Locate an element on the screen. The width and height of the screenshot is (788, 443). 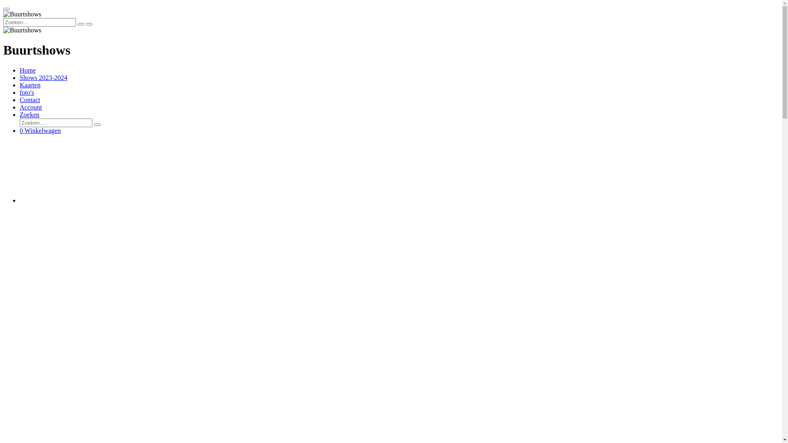
'Home' is located at coordinates (27, 70).